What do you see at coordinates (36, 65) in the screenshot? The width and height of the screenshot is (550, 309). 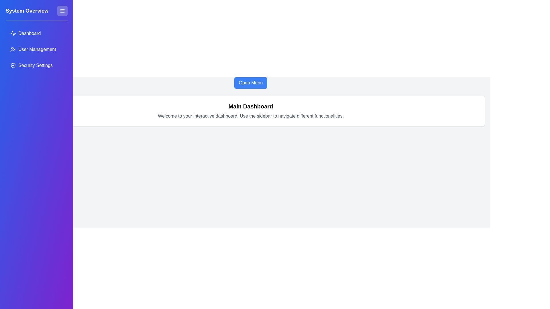 I see `the menu item labeled Security Settings to navigate to its section` at bounding box center [36, 65].